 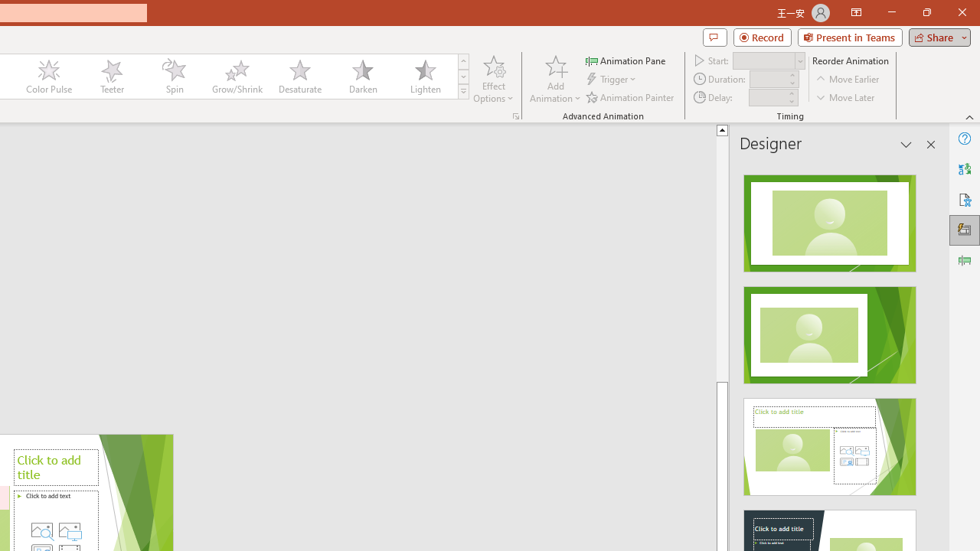 I want to click on 'Minimize', so click(x=891, y=12).